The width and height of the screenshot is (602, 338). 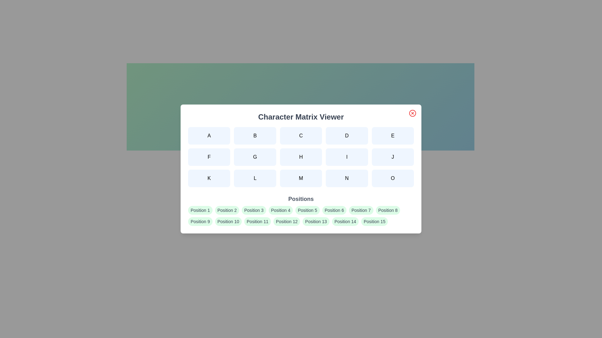 I want to click on the character button labeled N, so click(x=346, y=178).